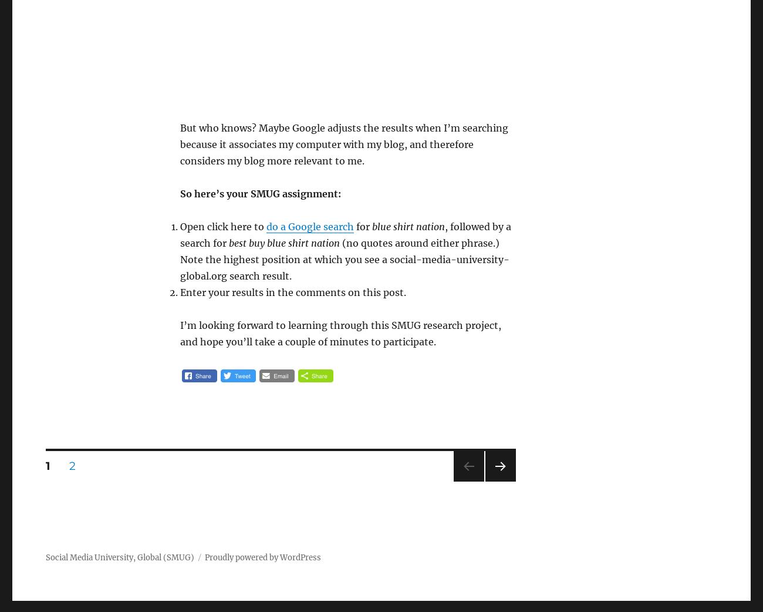 The image size is (763, 612). I want to click on 'So here’s your SMUG assignment:', so click(259, 194).